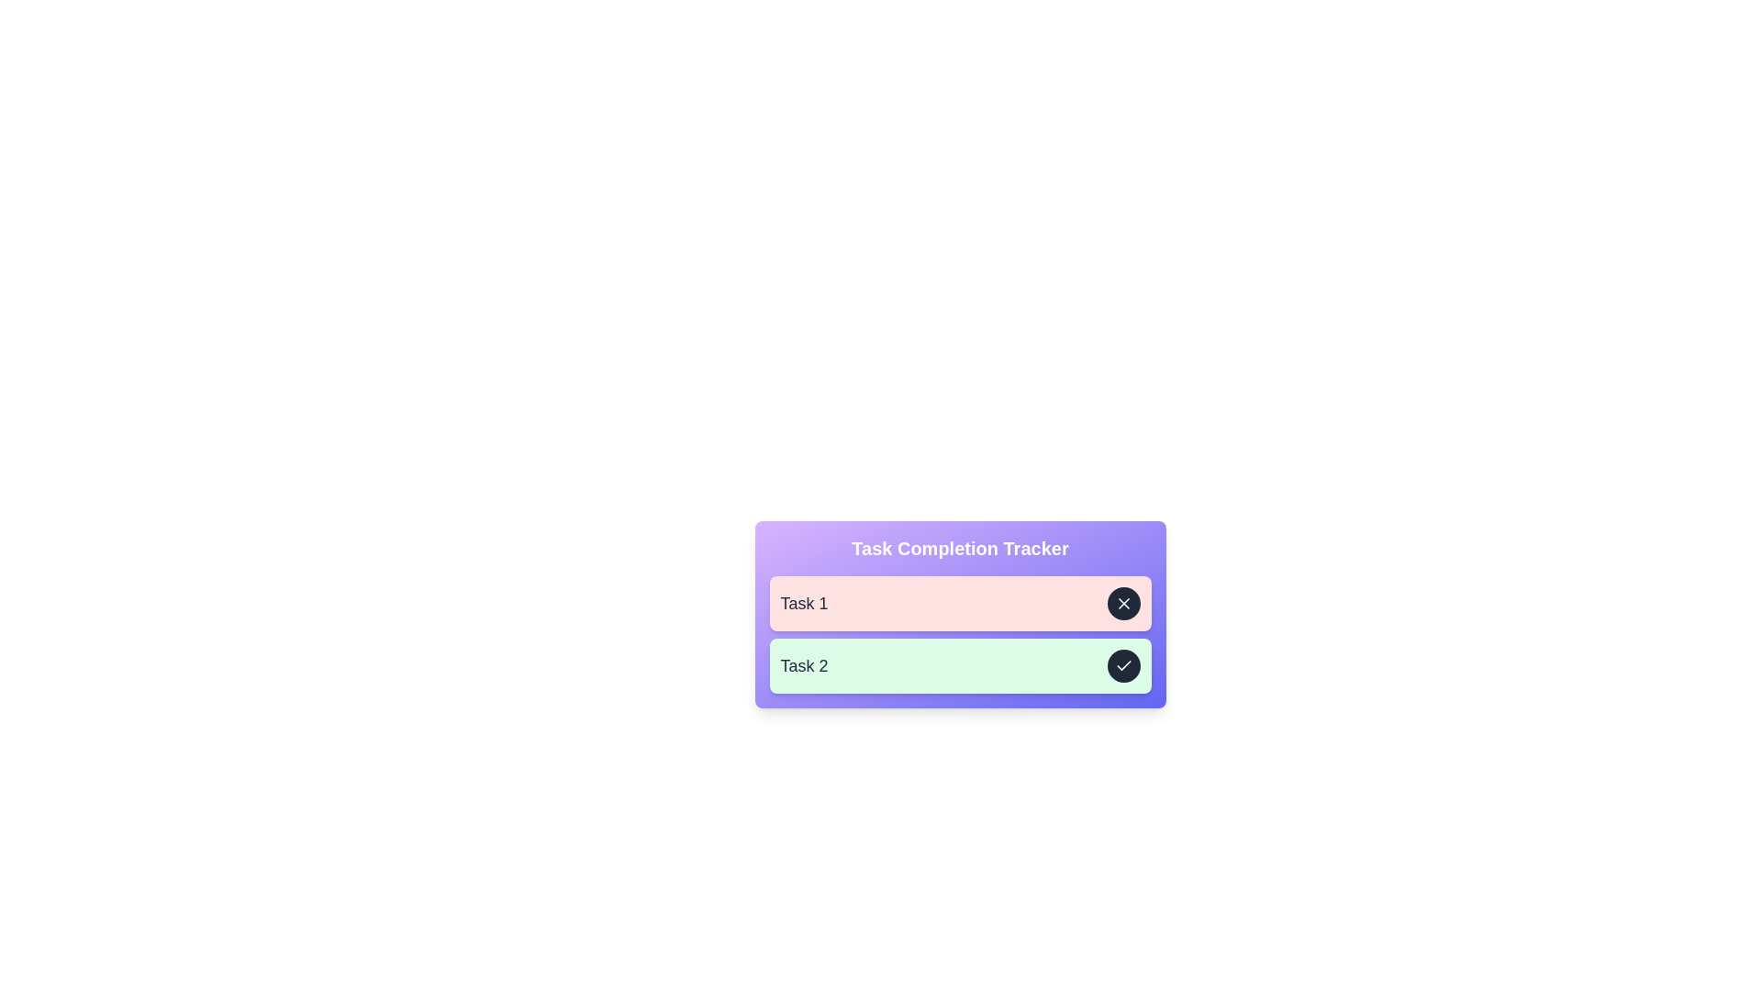  I want to click on the list of task items in the 'Task Completion Tracker' card, so click(959, 633).